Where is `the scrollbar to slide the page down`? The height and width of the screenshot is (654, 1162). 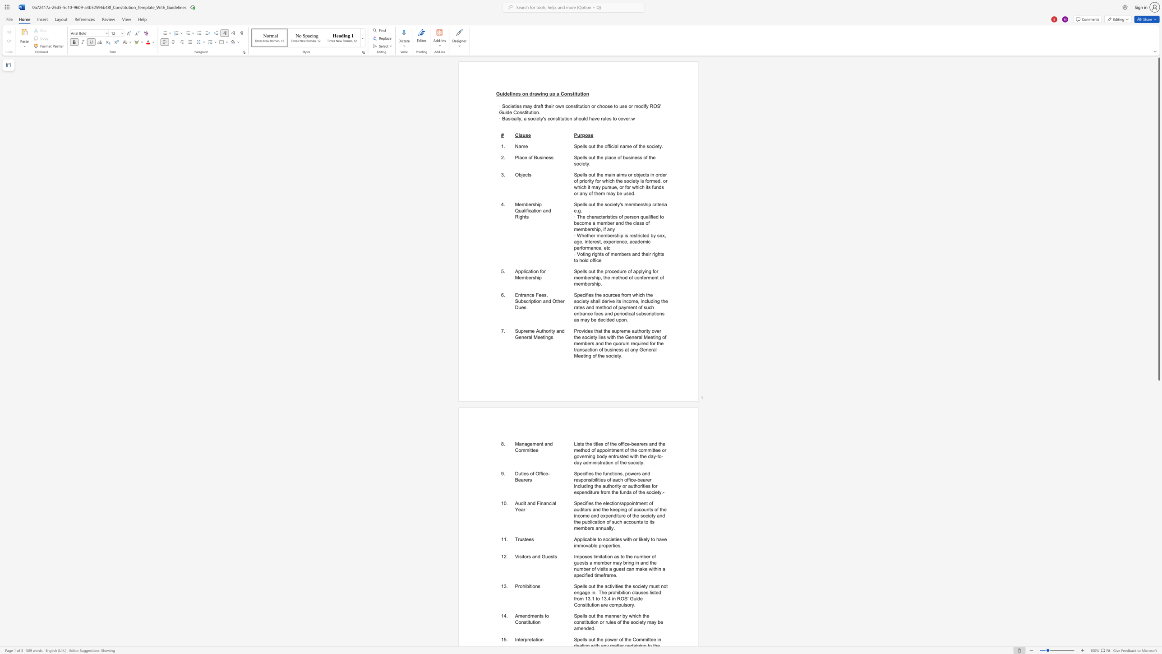 the scrollbar to slide the page down is located at coordinates (1158, 499).